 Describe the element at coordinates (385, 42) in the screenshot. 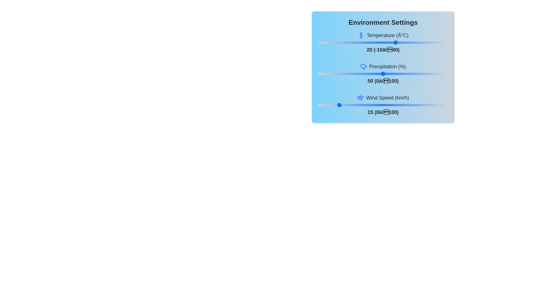

I see `the temperature` at that location.